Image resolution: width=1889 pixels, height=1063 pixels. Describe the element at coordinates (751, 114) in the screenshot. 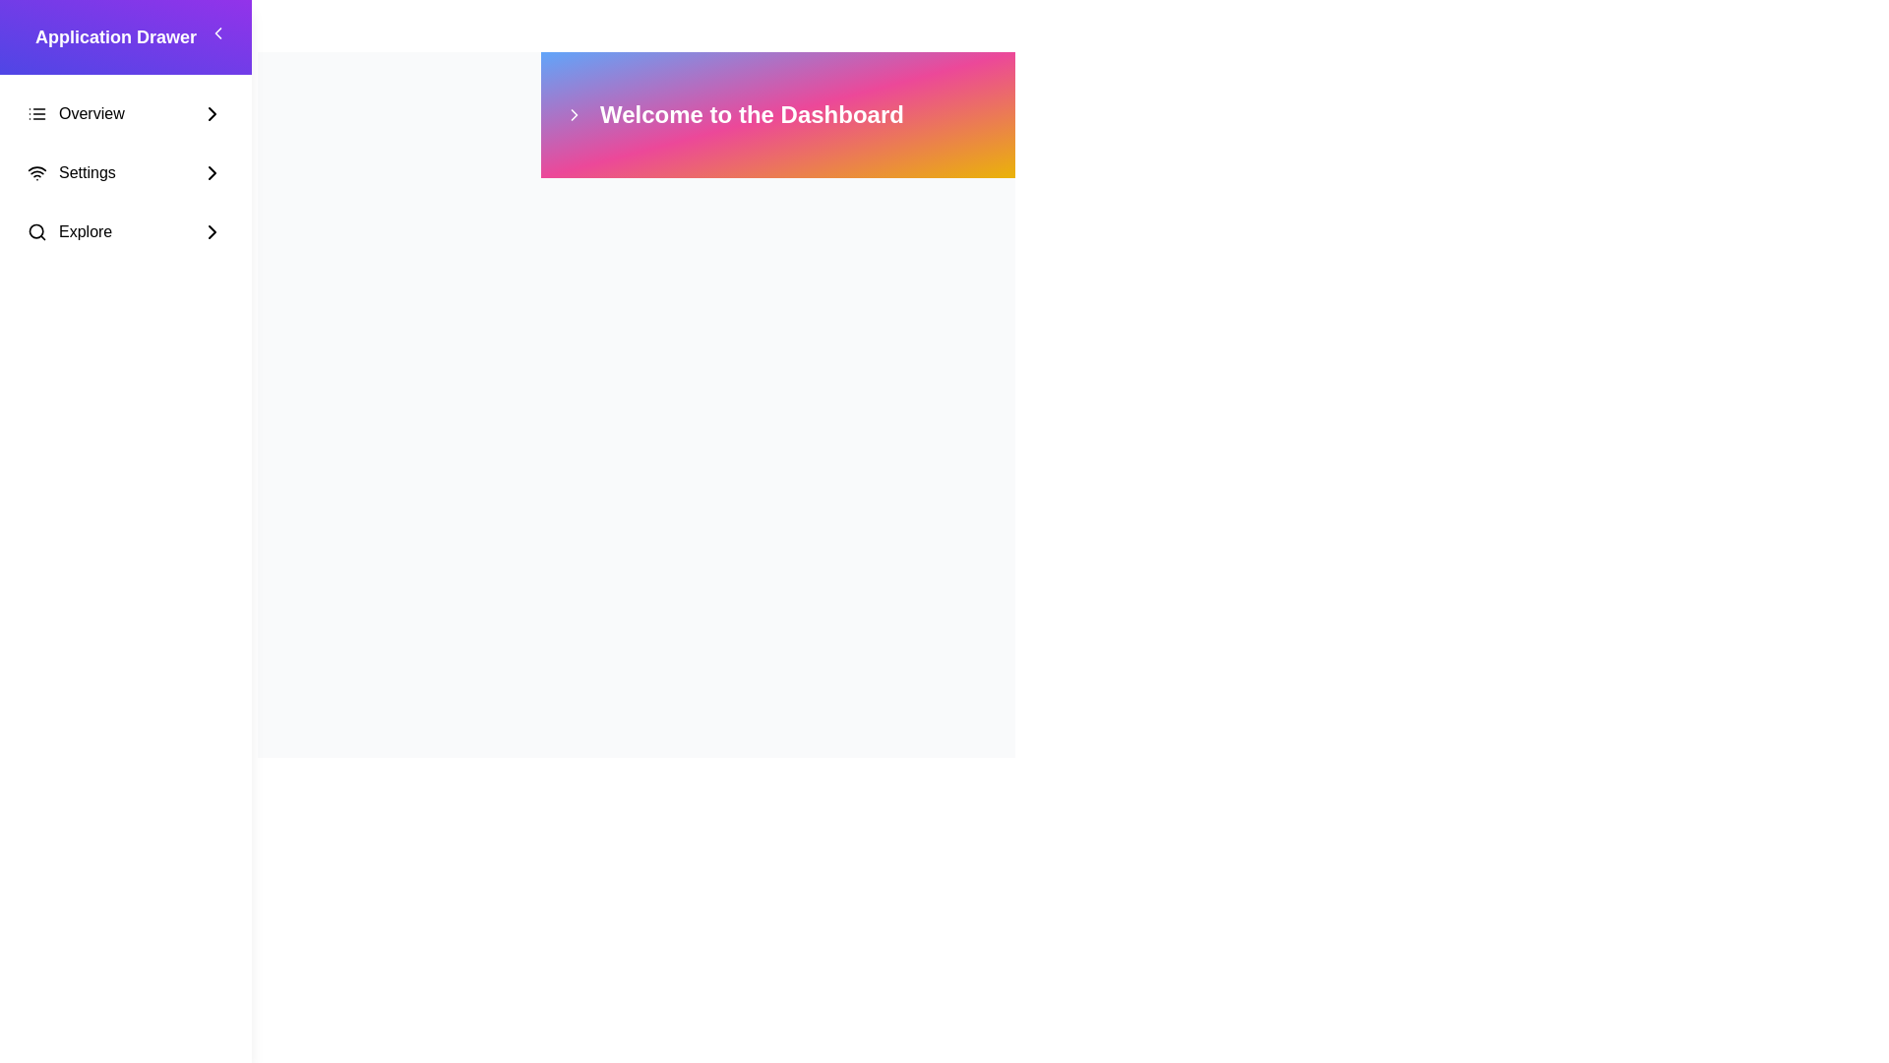

I see `the text label displaying 'Welcome to the Dashboard' which is located in the top colorful gradient section of the interface, prominently positioned against a gradient background` at that location.